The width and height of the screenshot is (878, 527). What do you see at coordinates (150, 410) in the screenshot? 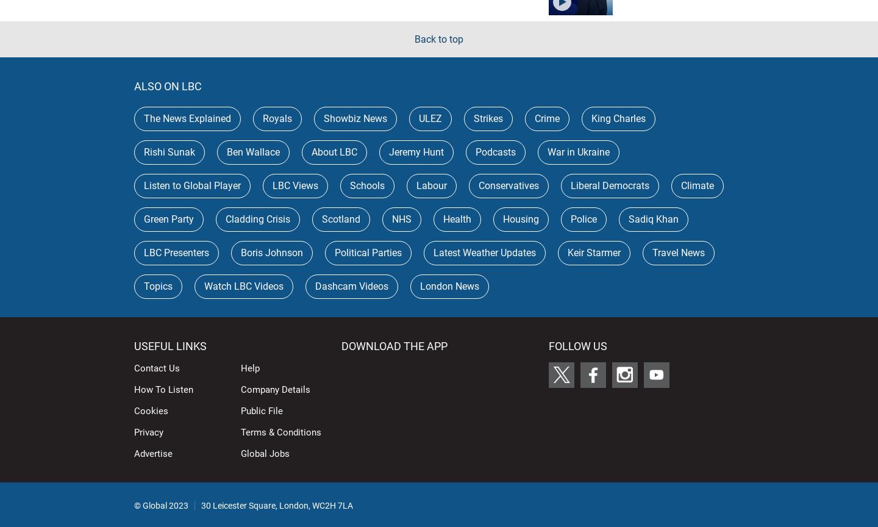
I see `'Cookies'` at bounding box center [150, 410].